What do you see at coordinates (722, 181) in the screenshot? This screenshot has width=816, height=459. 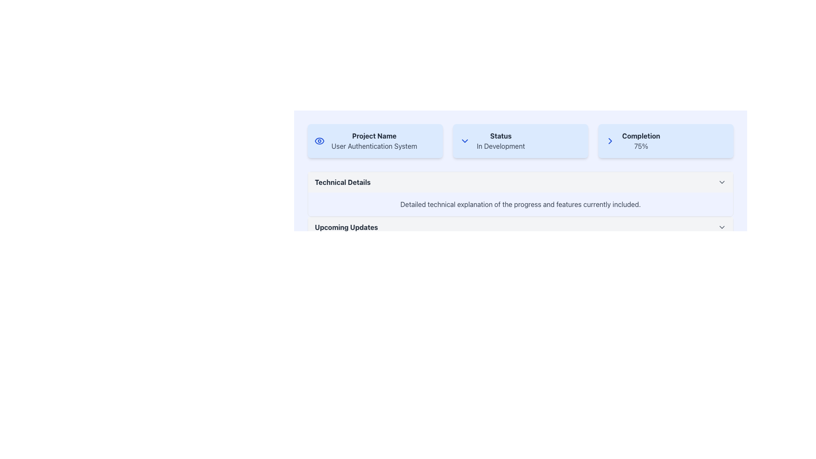 I see `the downwards-facing chevron icon located at the far-right end of the 'Technical Details' section to indicate the current state of the section` at bounding box center [722, 181].